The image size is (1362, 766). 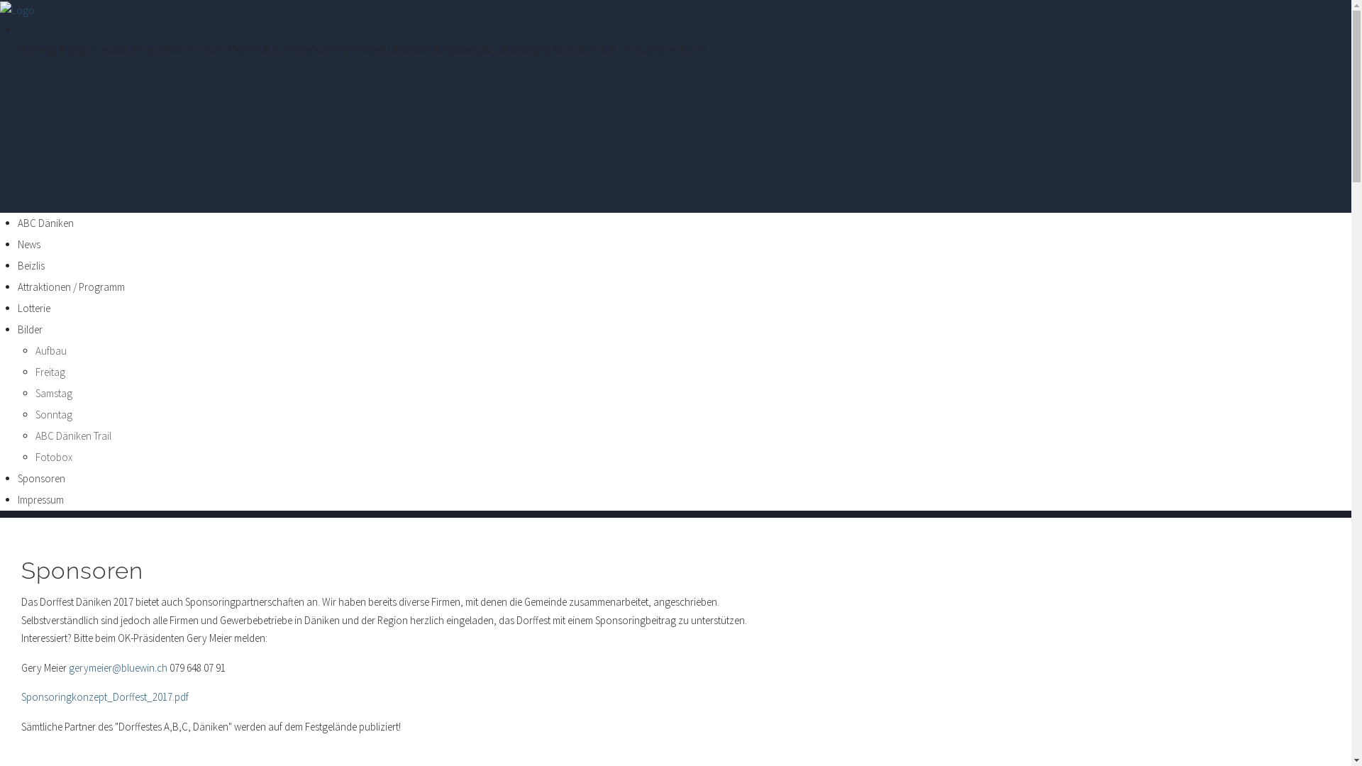 What do you see at coordinates (35, 414) in the screenshot?
I see `'Sonntag'` at bounding box center [35, 414].